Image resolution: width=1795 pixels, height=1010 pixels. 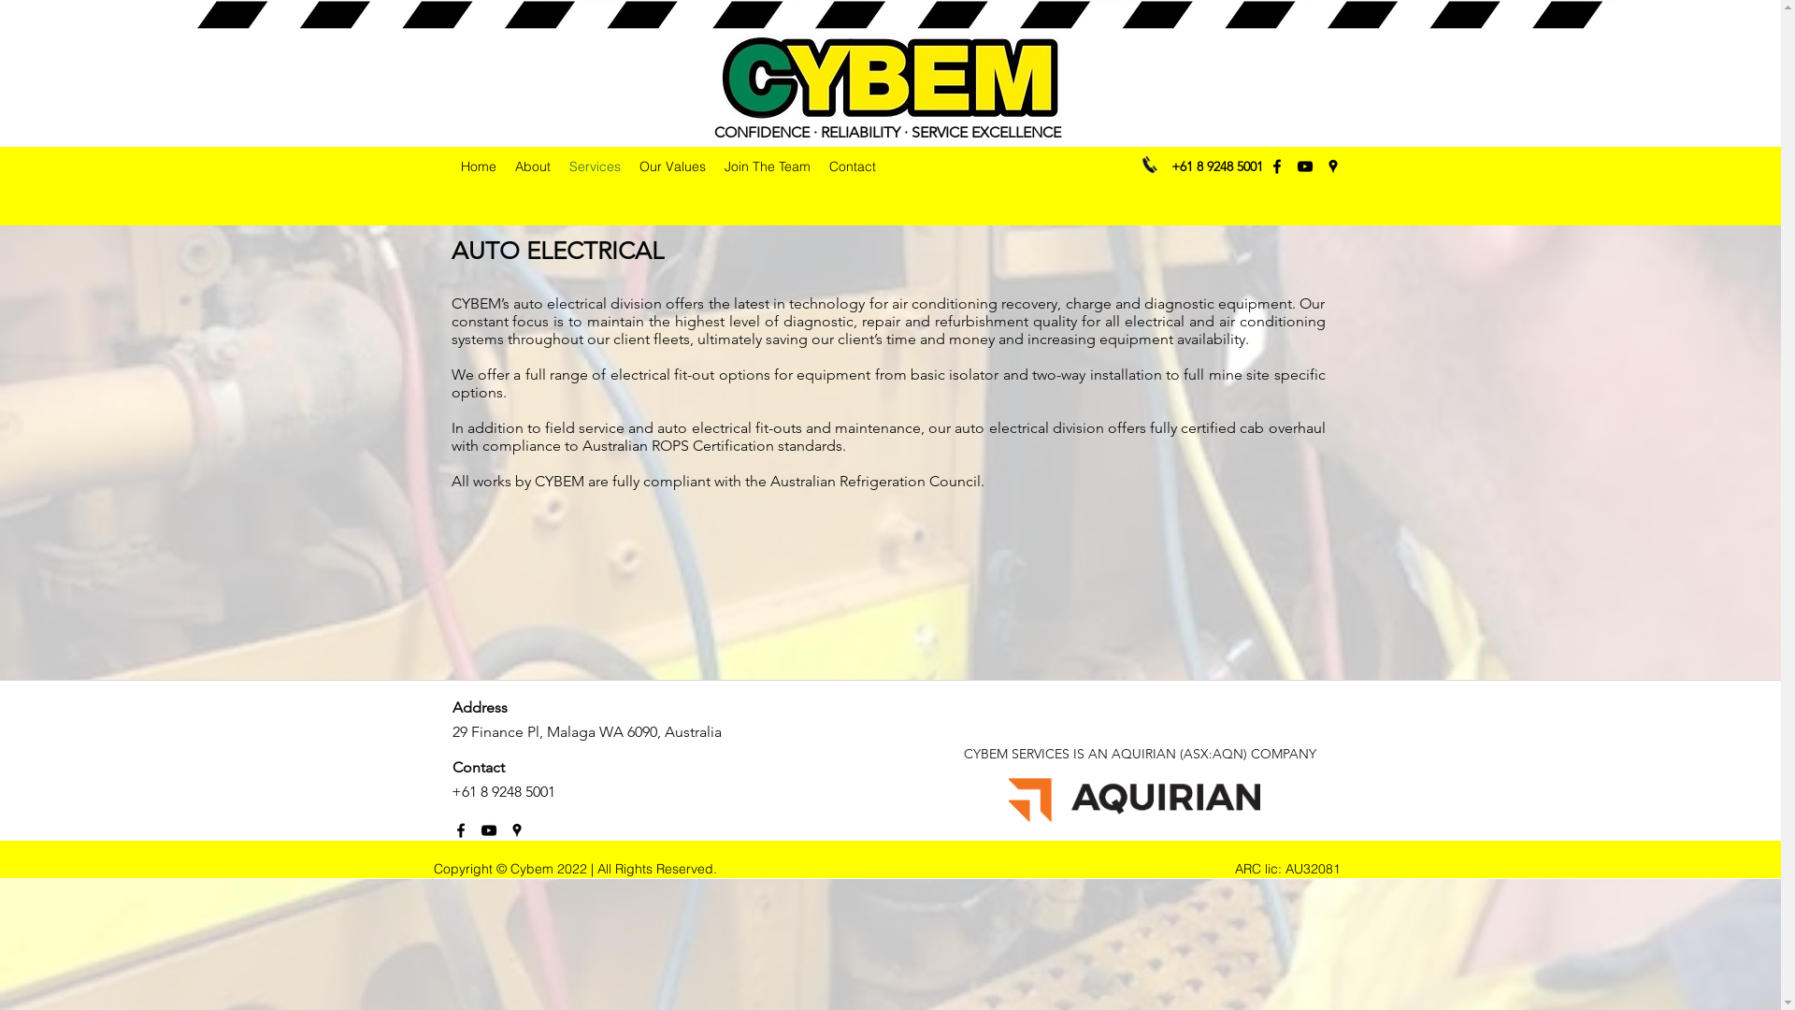 I want to click on 'Join The Team', so click(x=767, y=165).